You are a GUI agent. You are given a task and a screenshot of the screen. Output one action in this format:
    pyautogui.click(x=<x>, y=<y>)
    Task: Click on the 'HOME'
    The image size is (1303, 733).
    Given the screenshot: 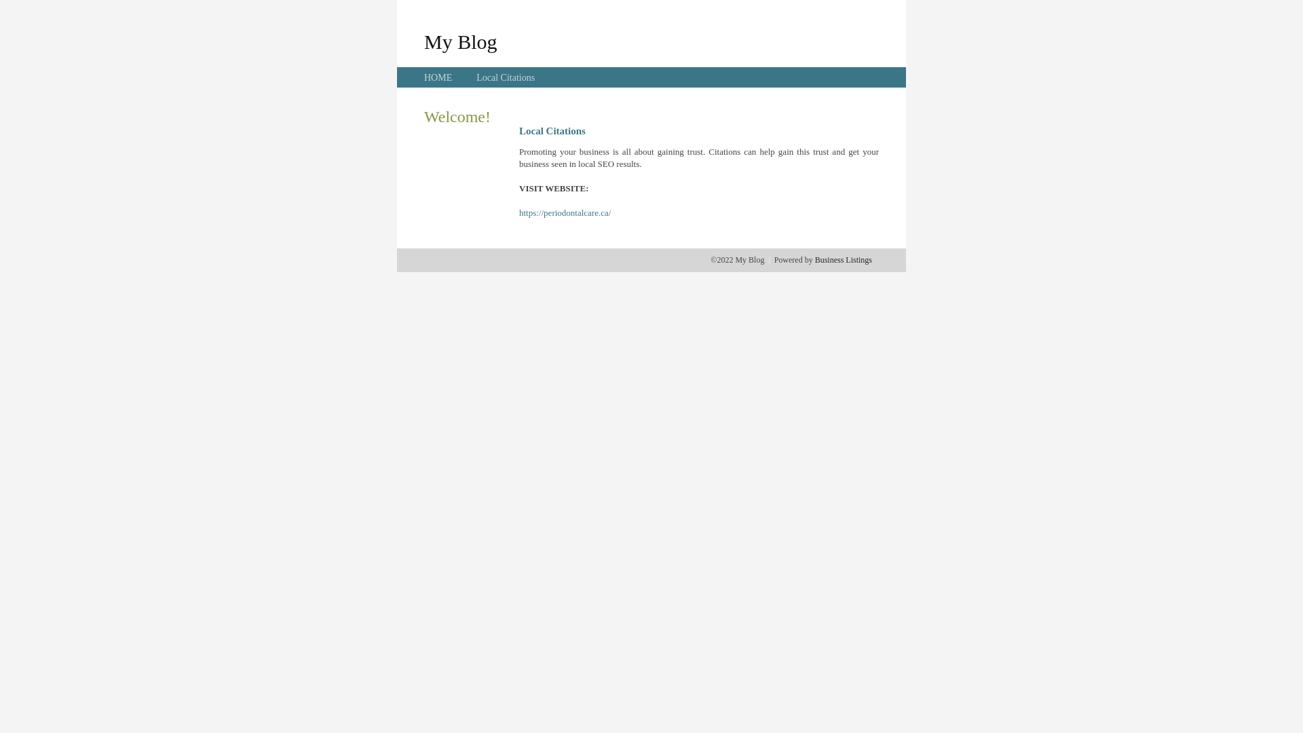 What is the action you would take?
    pyautogui.click(x=438, y=77)
    